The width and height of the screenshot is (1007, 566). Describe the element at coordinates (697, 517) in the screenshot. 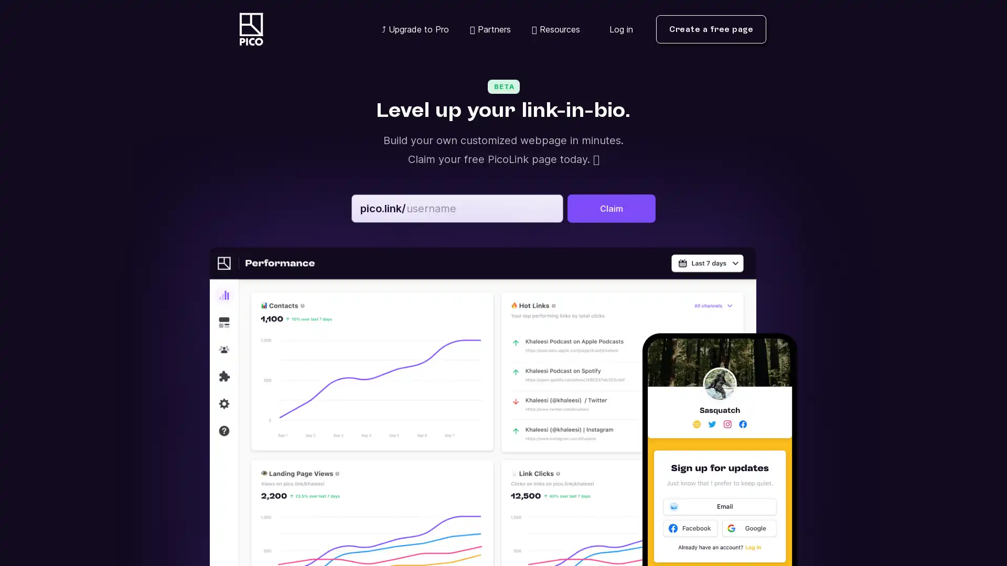

I see `Preferences` at that location.